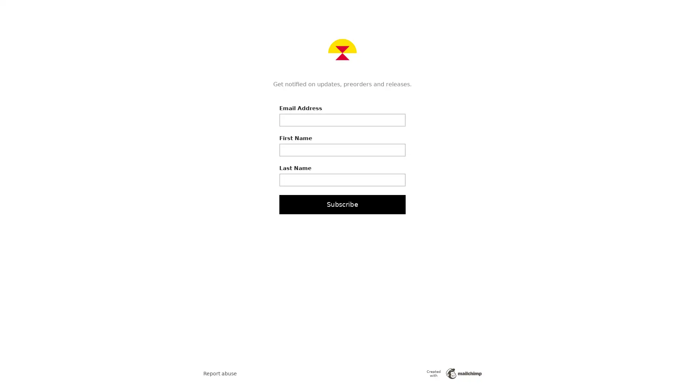 The height and width of the screenshot is (385, 685). What do you see at coordinates (342, 205) in the screenshot?
I see `Subscribe` at bounding box center [342, 205].